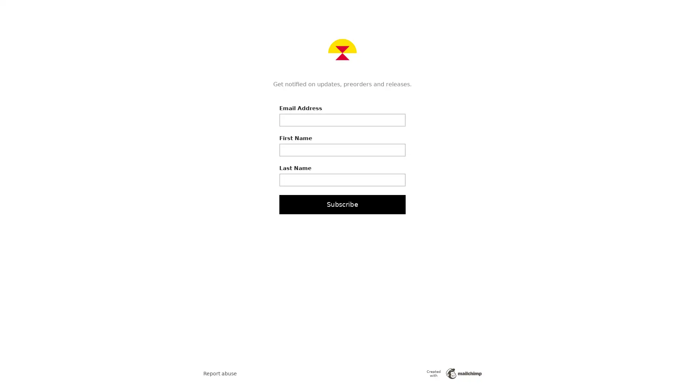 The height and width of the screenshot is (385, 685). What do you see at coordinates (342, 205) in the screenshot?
I see `Subscribe` at bounding box center [342, 205].